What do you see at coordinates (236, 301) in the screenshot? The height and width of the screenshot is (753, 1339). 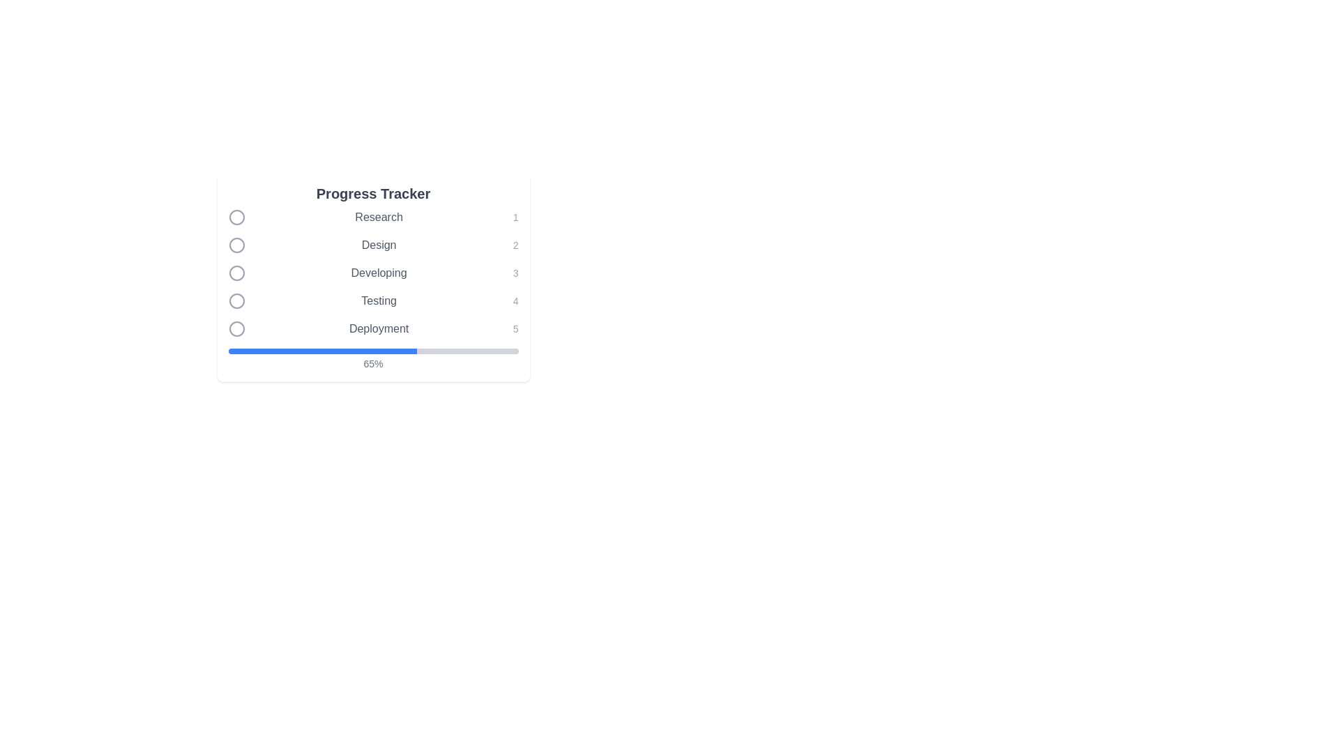 I see `the fourth circular graphic representation element in the progress tracker interface corresponding to the 'Testing' label` at bounding box center [236, 301].